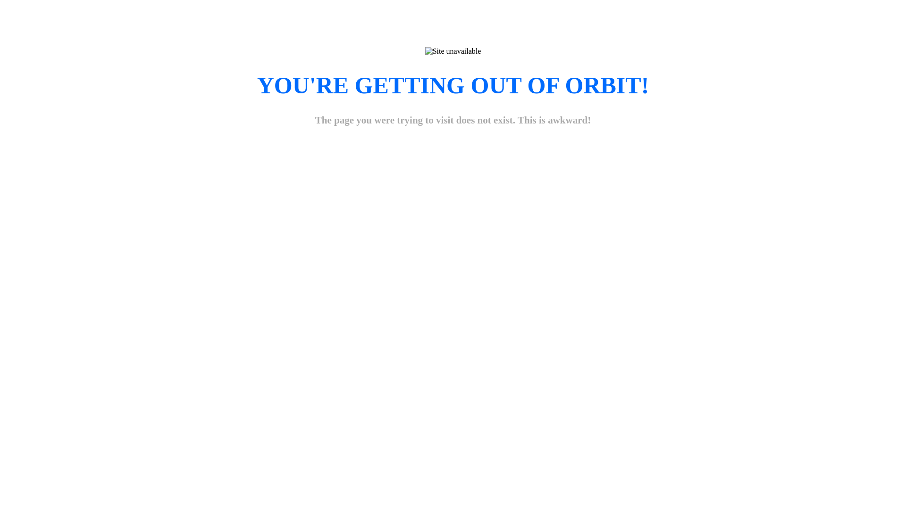 This screenshot has height=509, width=906. What do you see at coordinates (425, 51) in the screenshot?
I see `'Site unavailable'` at bounding box center [425, 51].